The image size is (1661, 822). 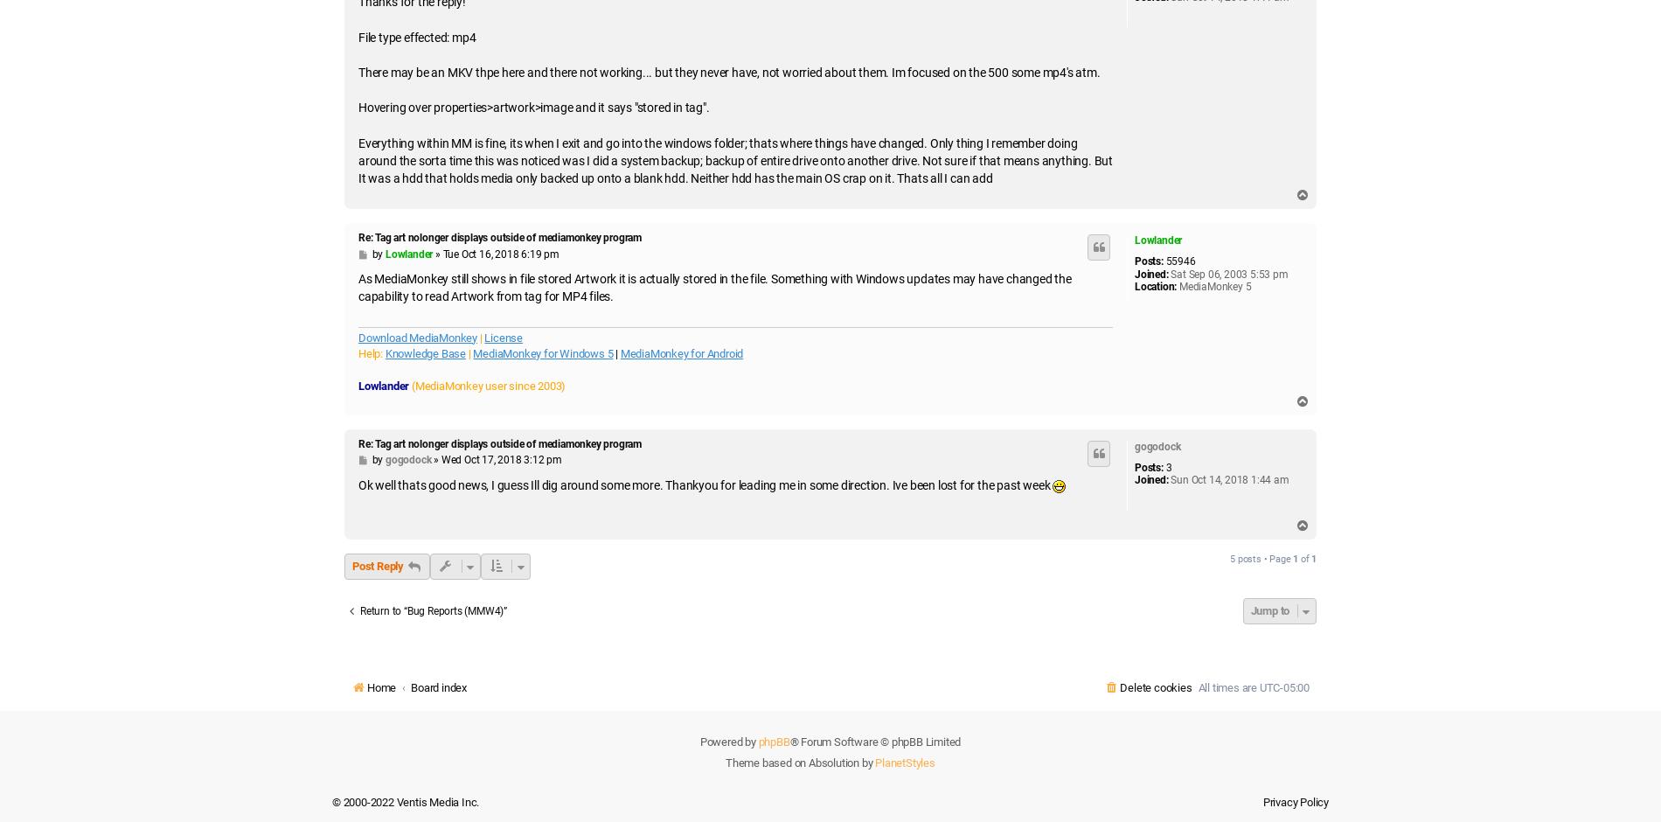 What do you see at coordinates (773, 741) in the screenshot?
I see `'phpBB'` at bounding box center [773, 741].